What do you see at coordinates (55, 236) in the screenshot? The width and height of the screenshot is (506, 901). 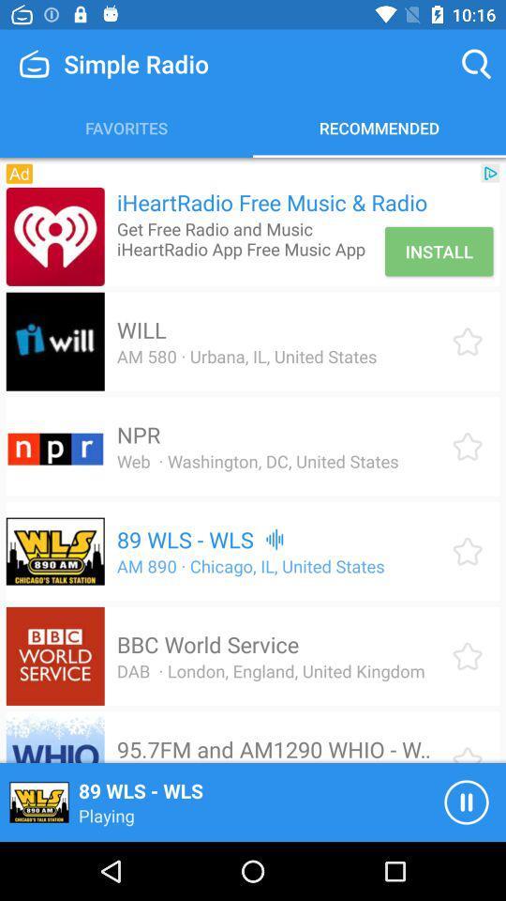 I see `logo and link for iheartradio` at bounding box center [55, 236].